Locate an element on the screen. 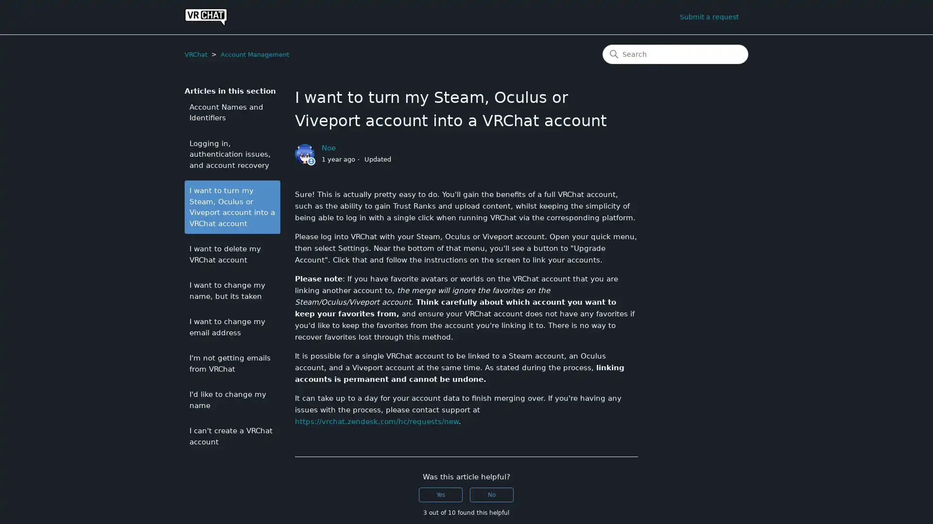  This article was helpful is located at coordinates (440, 494).